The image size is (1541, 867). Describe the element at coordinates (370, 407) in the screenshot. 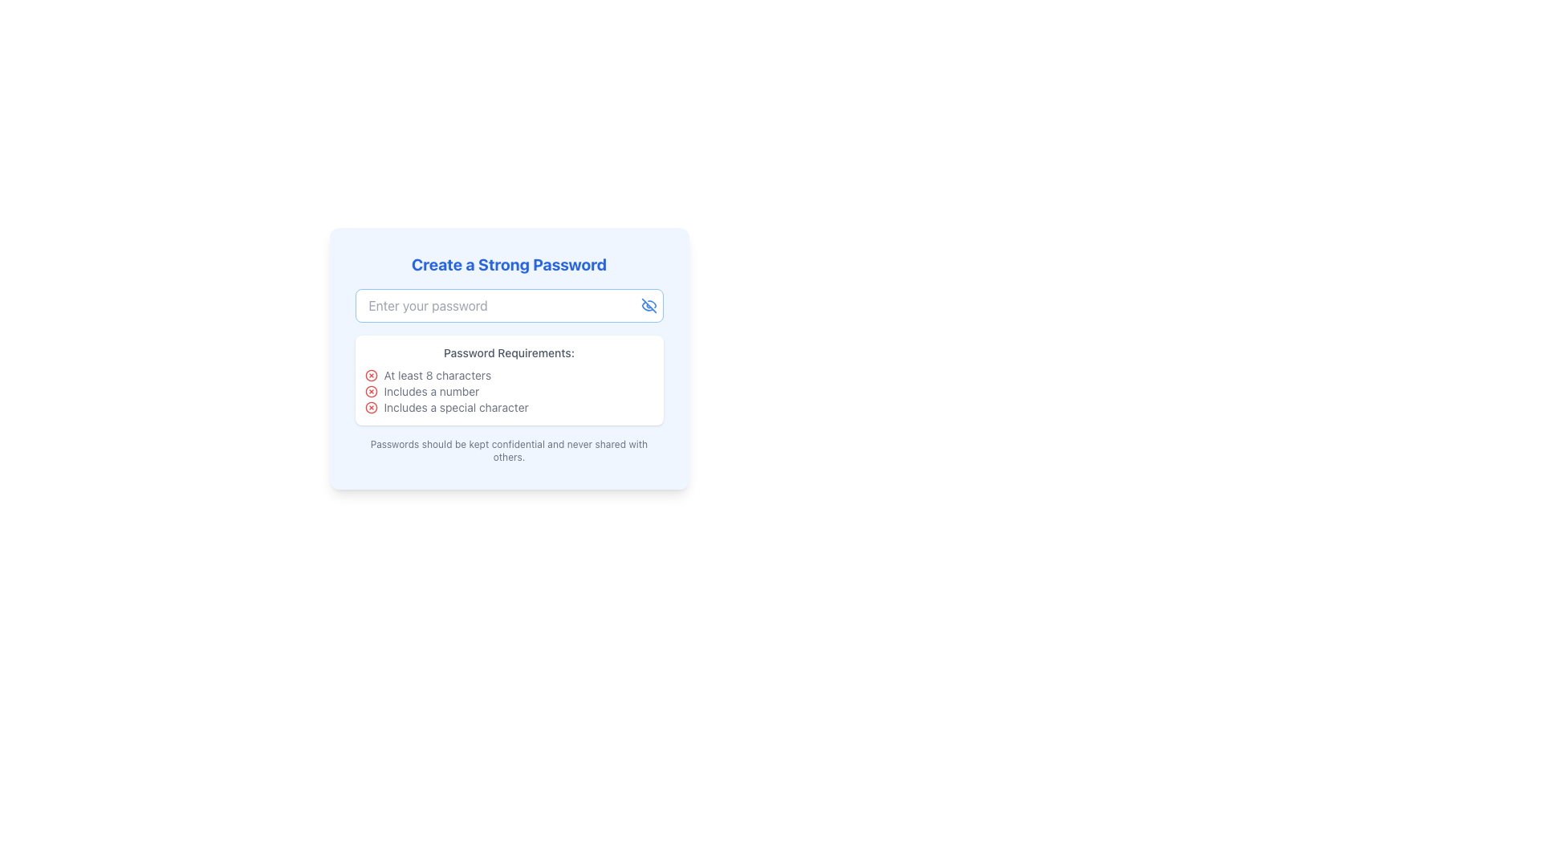

I see `the icon indicating that the password requirement 'Includes a special character' is not met, located to the left of the corresponding text in the password requirements section` at that location.